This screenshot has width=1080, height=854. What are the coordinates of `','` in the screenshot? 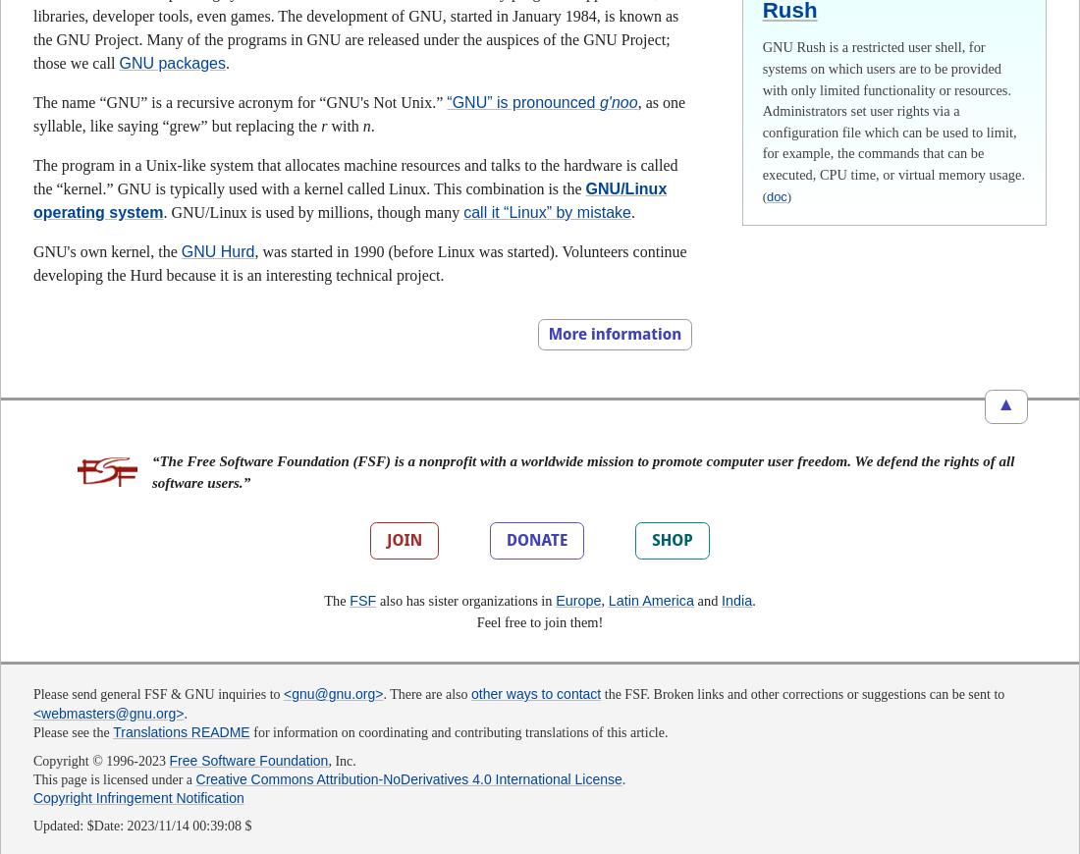 It's located at (603, 599).